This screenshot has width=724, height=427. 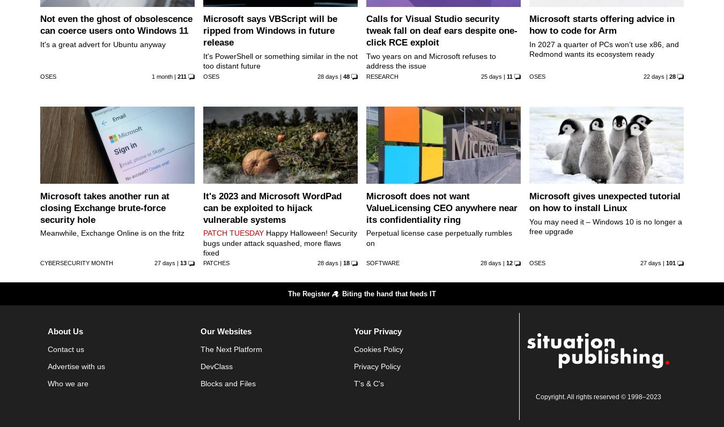 I want to click on 'The Register', so click(x=287, y=294).